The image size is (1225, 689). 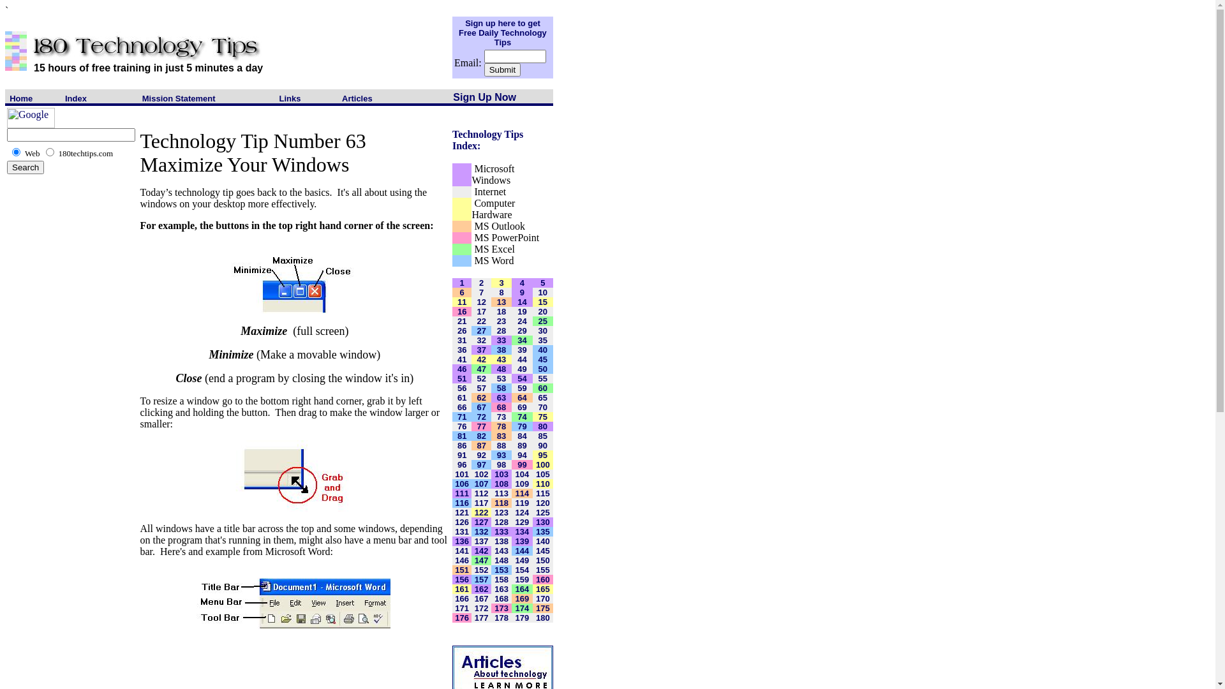 I want to click on '82', so click(x=476, y=435).